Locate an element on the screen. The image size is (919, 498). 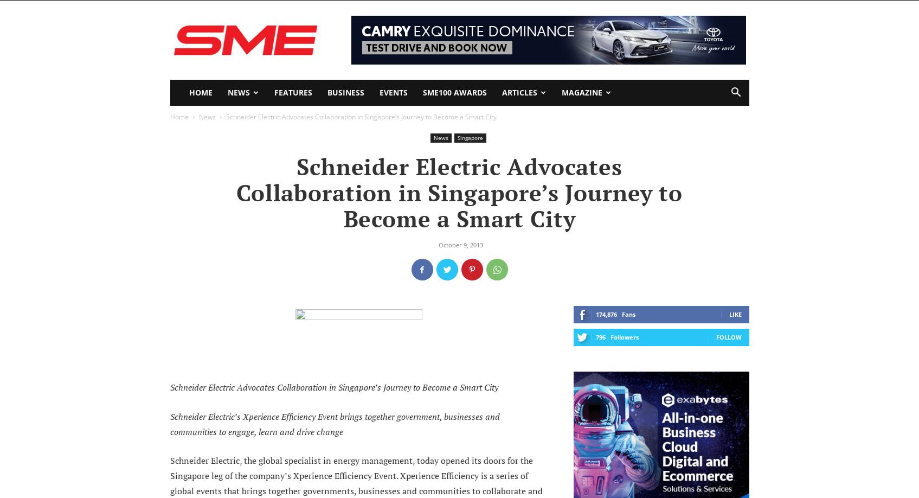
'Home' is located at coordinates (178, 117).